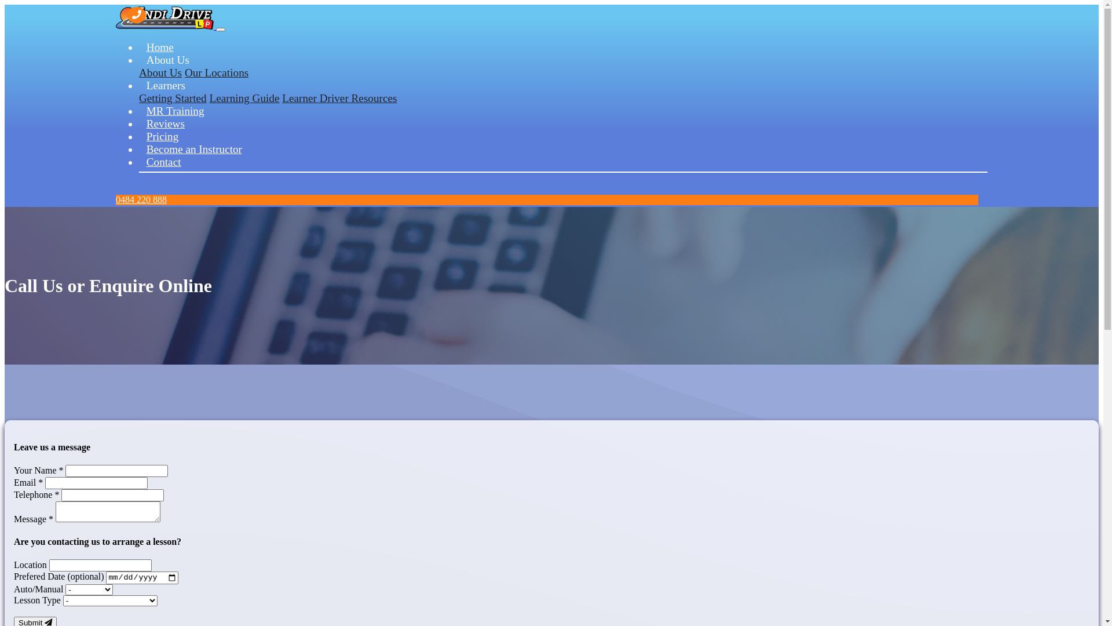  Describe the element at coordinates (159, 46) in the screenshot. I see `'Home'` at that location.